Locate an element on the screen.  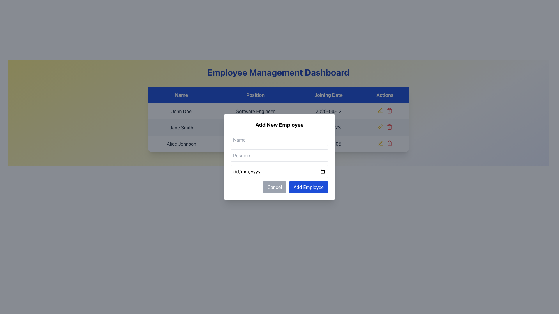
the confirm button for adding a new employee record is located at coordinates (308, 187).